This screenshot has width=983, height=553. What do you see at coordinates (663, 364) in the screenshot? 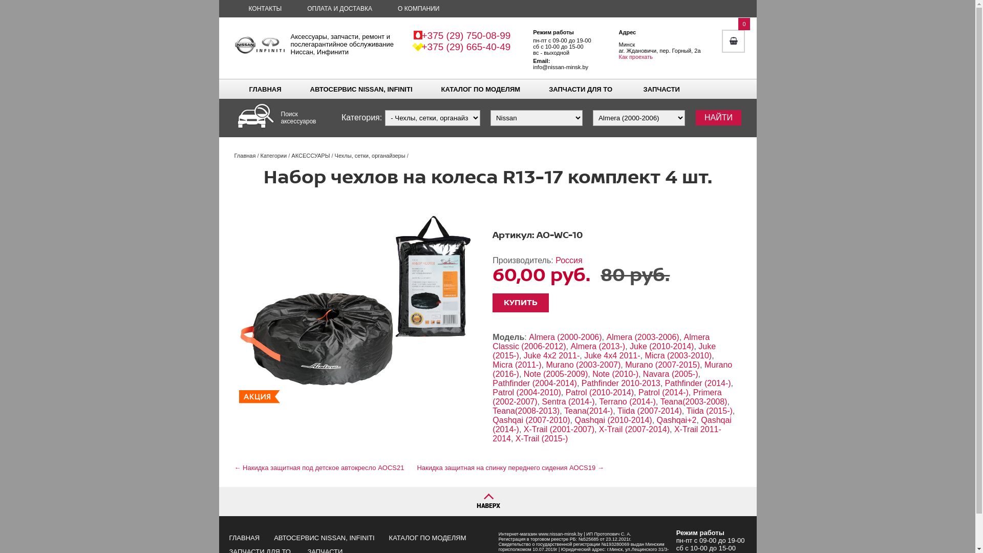
I see `'Murano (2007-2015)'` at bounding box center [663, 364].